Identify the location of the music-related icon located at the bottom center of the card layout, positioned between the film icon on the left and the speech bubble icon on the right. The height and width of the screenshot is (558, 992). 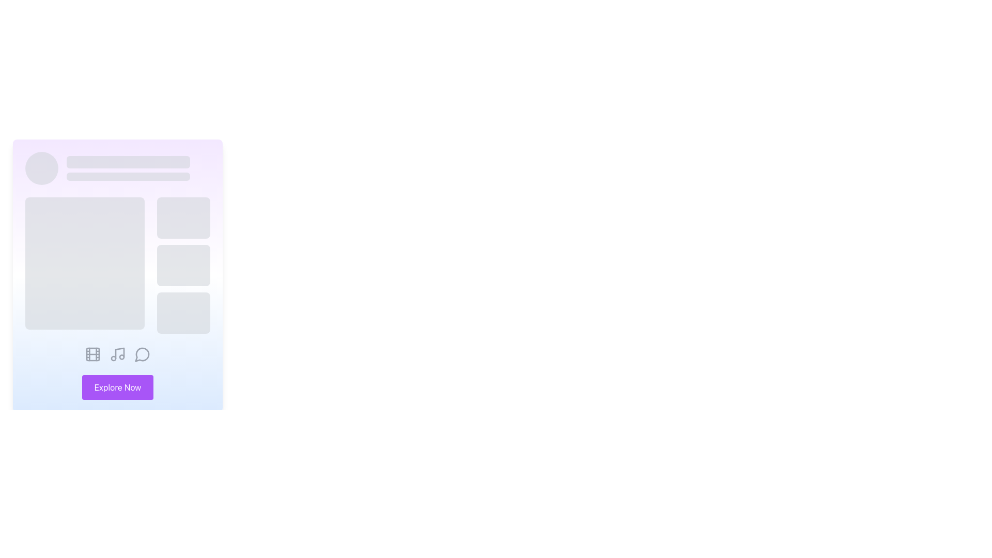
(117, 354).